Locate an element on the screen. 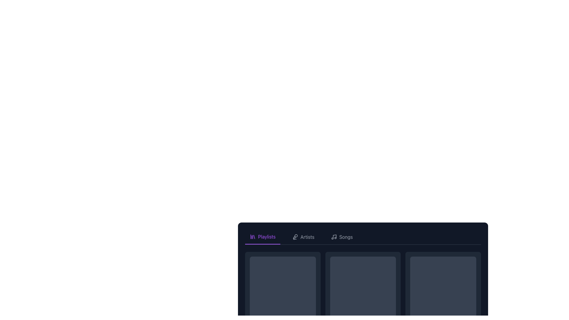 The width and height of the screenshot is (569, 320). the dark gray block element with rounded corners located in the midsection of the playlist layout is located at coordinates (362, 265).